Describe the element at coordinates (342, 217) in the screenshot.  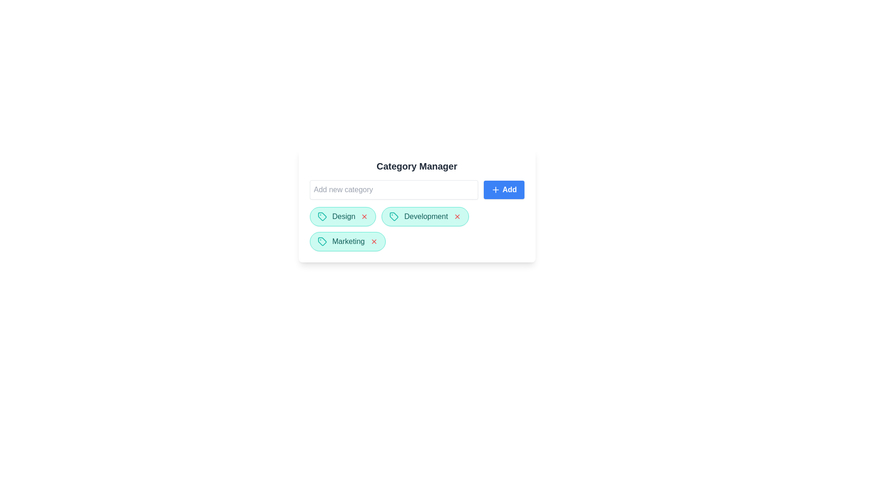
I see `the category chip labeled Design` at that location.